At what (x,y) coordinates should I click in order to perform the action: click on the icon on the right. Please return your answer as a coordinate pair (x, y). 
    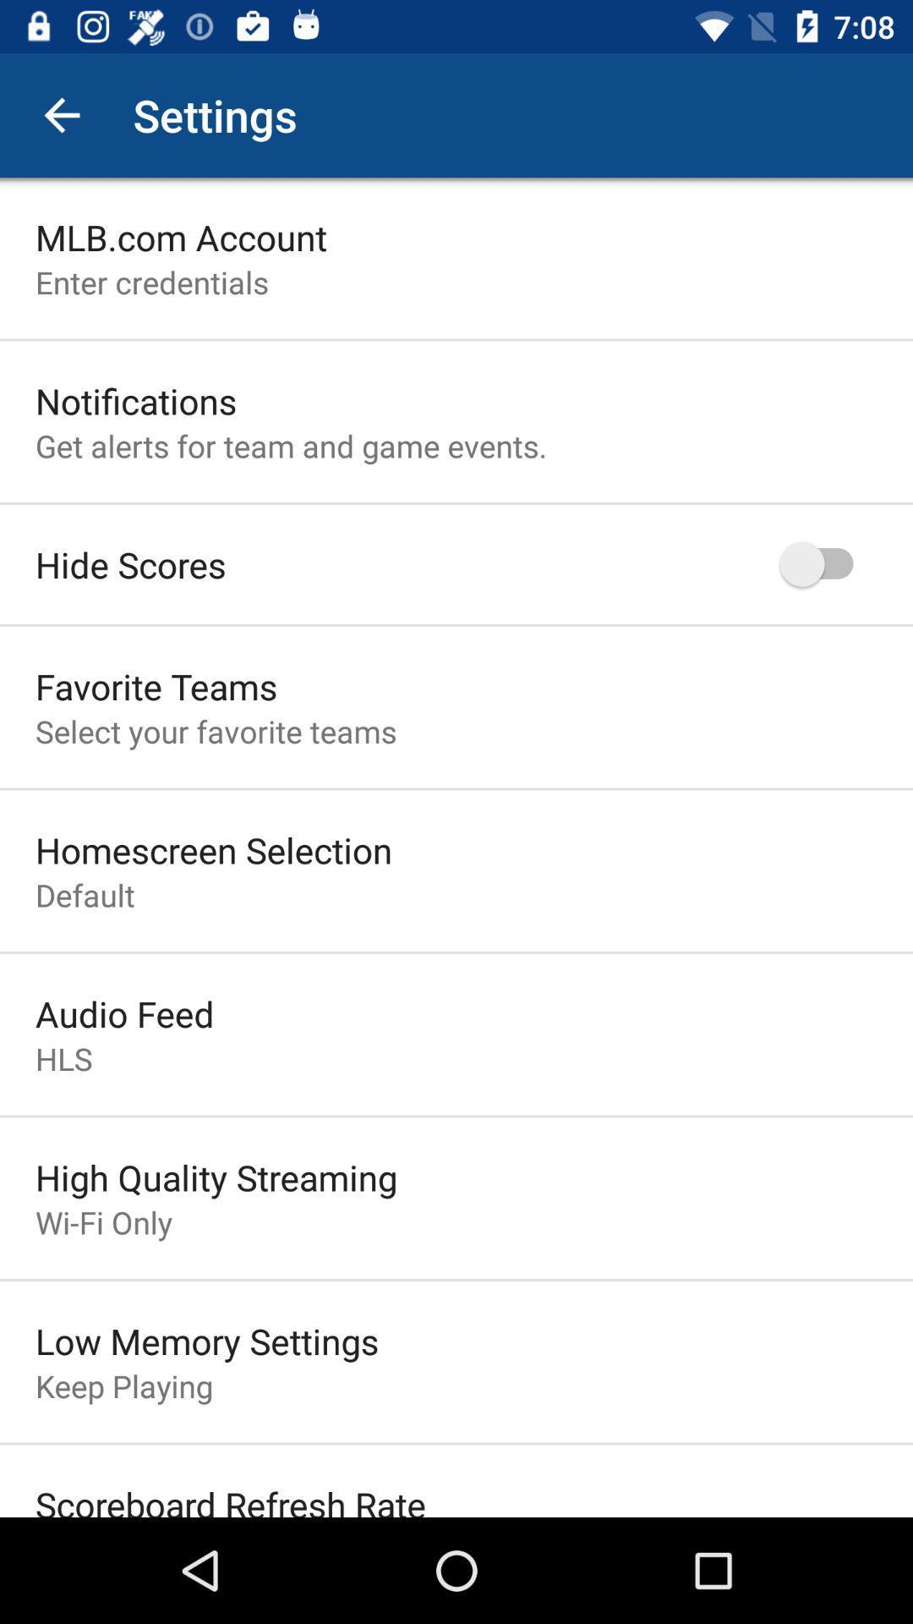
    Looking at the image, I should click on (823, 564).